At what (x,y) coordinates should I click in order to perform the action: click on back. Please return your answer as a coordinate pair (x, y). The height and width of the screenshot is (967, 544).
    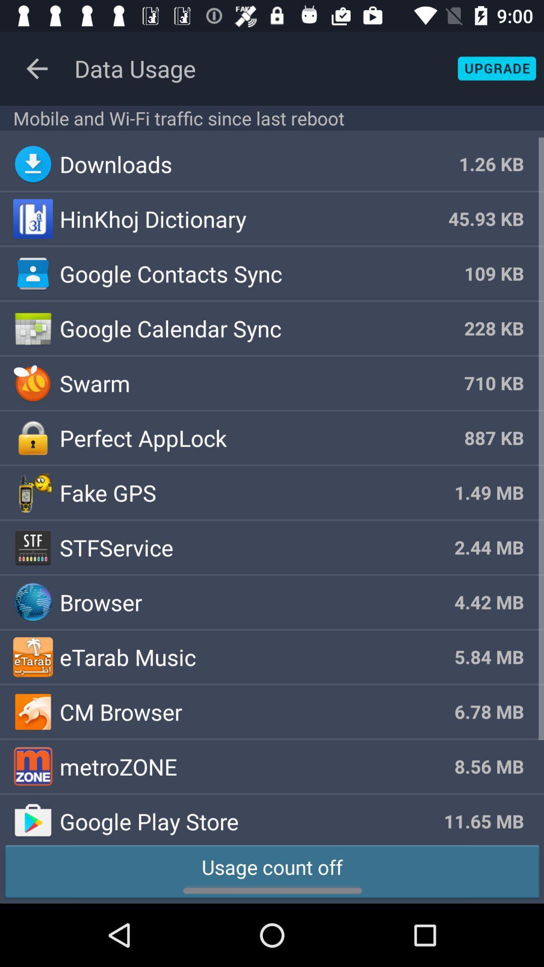
    Looking at the image, I should click on (36, 68).